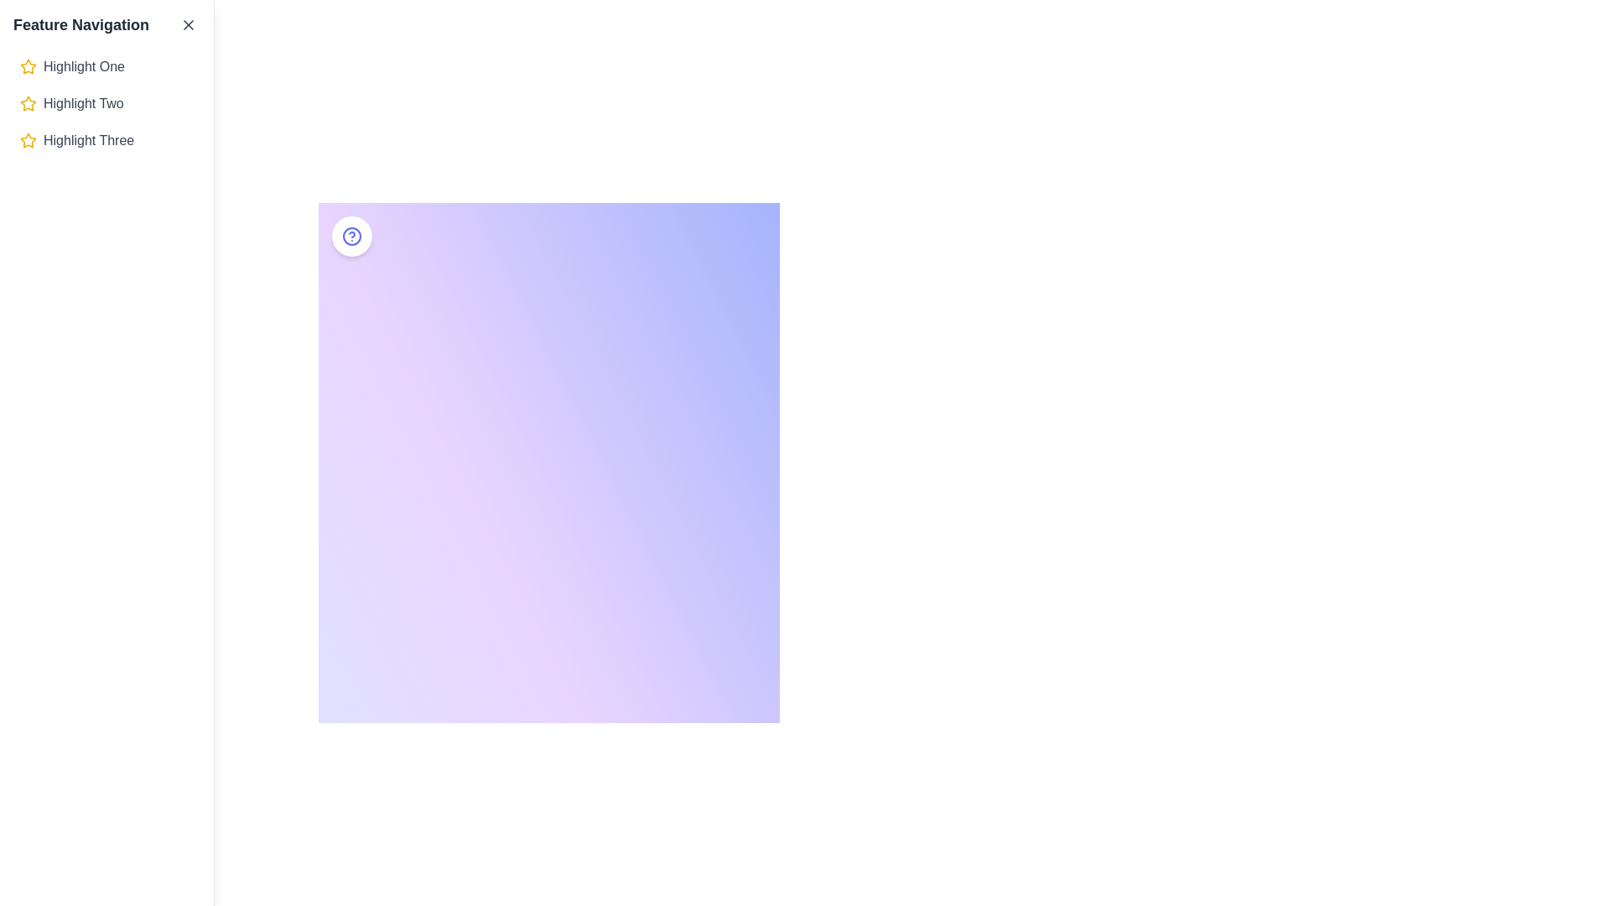 The height and width of the screenshot is (906, 1610). What do you see at coordinates (351, 236) in the screenshot?
I see `the interactive help button located at the top-left corner of the gradient background area to observe any hover-specific effects` at bounding box center [351, 236].